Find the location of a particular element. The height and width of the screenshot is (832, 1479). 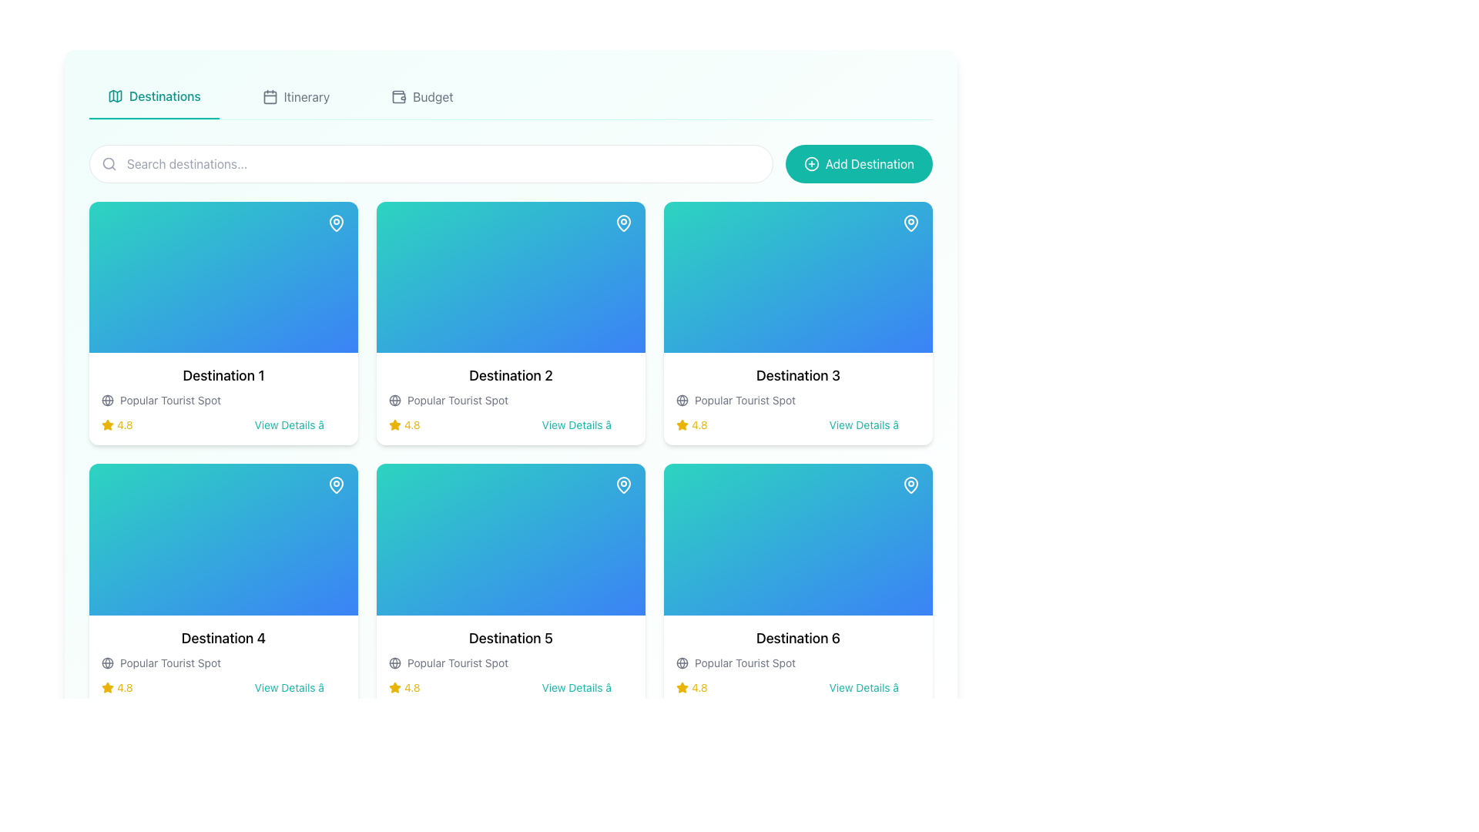

the star icon with a yellow fill color, which is located next to the numeric rating '4.8' in the last card of the second row in the grid layout is located at coordinates (682, 686).